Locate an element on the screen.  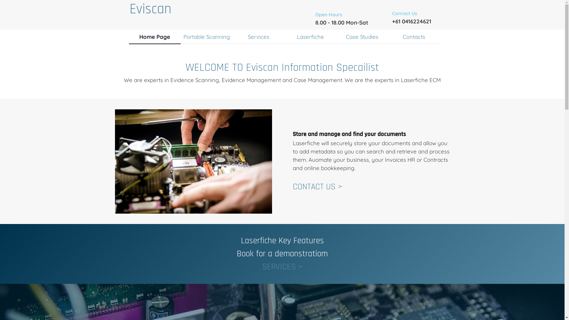
'Services' is located at coordinates (258, 36).